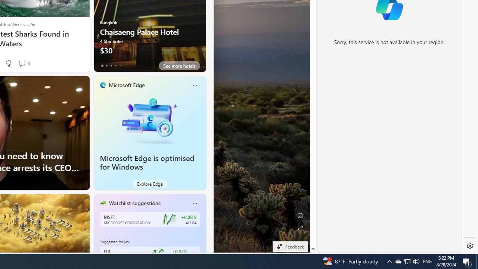  What do you see at coordinates (24, 63) in the screenshot?
I see `'View comments 3 Comment'` at bounding box center [24, 63].